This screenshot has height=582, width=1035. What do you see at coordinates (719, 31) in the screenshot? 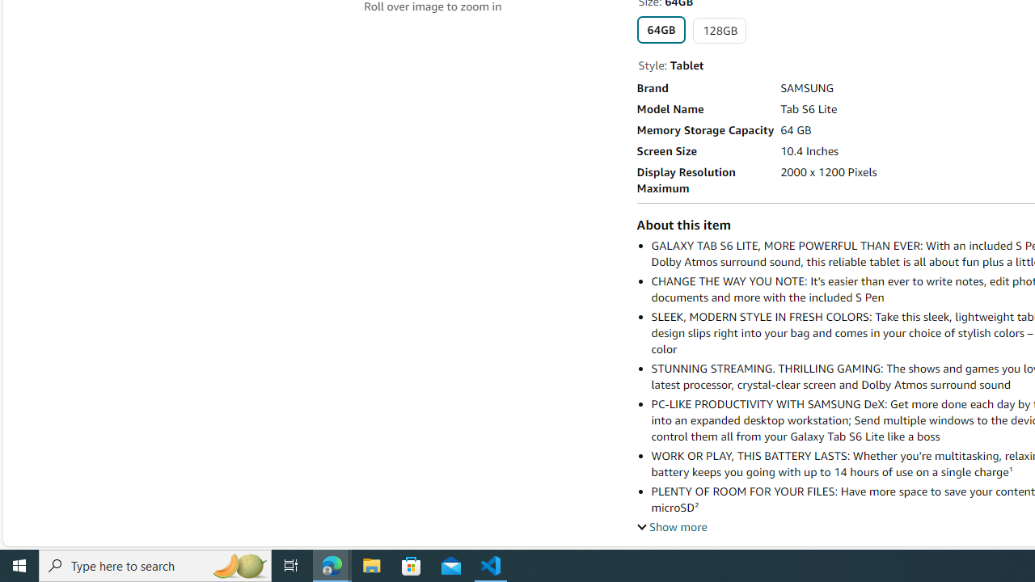
I see `'128GB'` at bounding box center [719, 31].